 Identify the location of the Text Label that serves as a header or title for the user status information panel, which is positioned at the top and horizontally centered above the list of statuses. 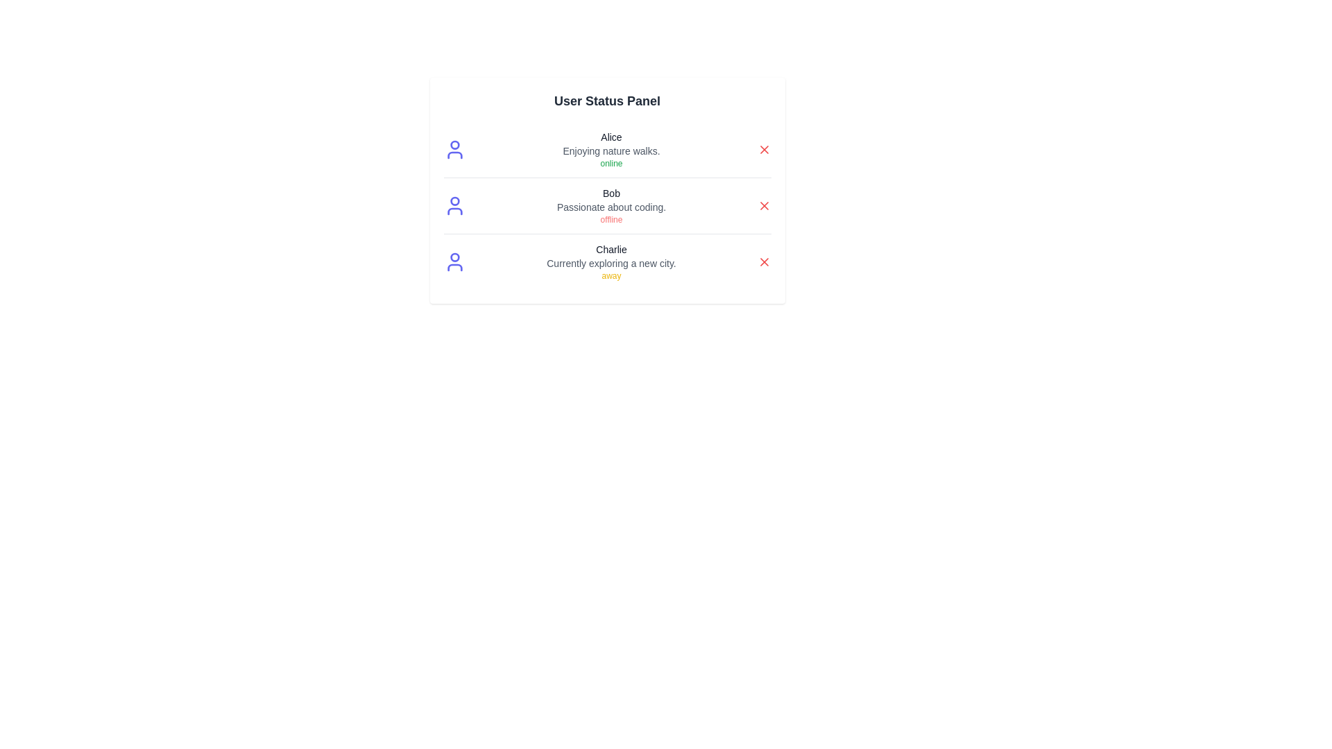
(607, 101).